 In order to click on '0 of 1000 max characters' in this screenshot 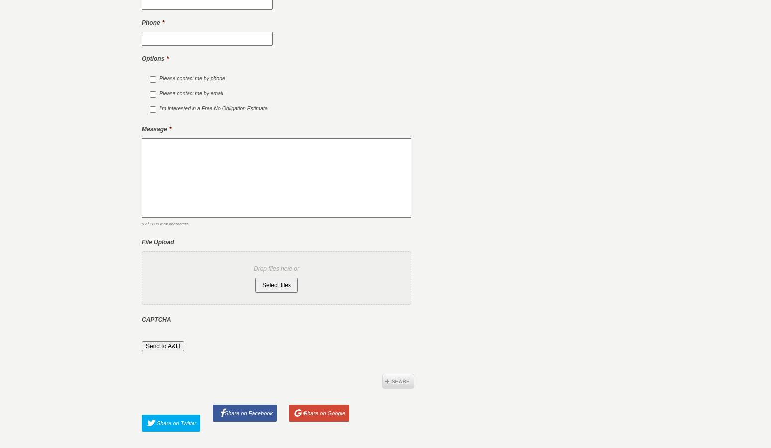, I will do `click(142, 224)`.